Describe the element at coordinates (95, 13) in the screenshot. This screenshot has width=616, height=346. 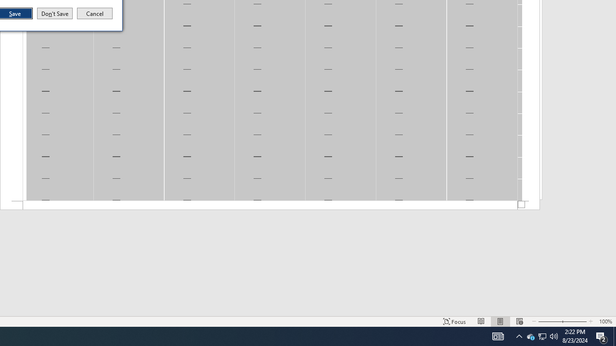
I see `'Cancel'` at that location.